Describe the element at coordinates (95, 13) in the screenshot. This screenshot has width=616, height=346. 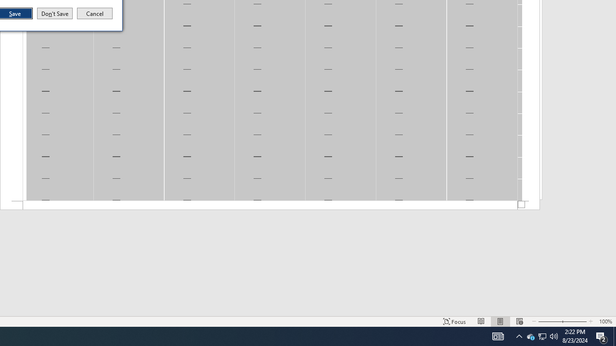
I see `'Cancel'` at that location.